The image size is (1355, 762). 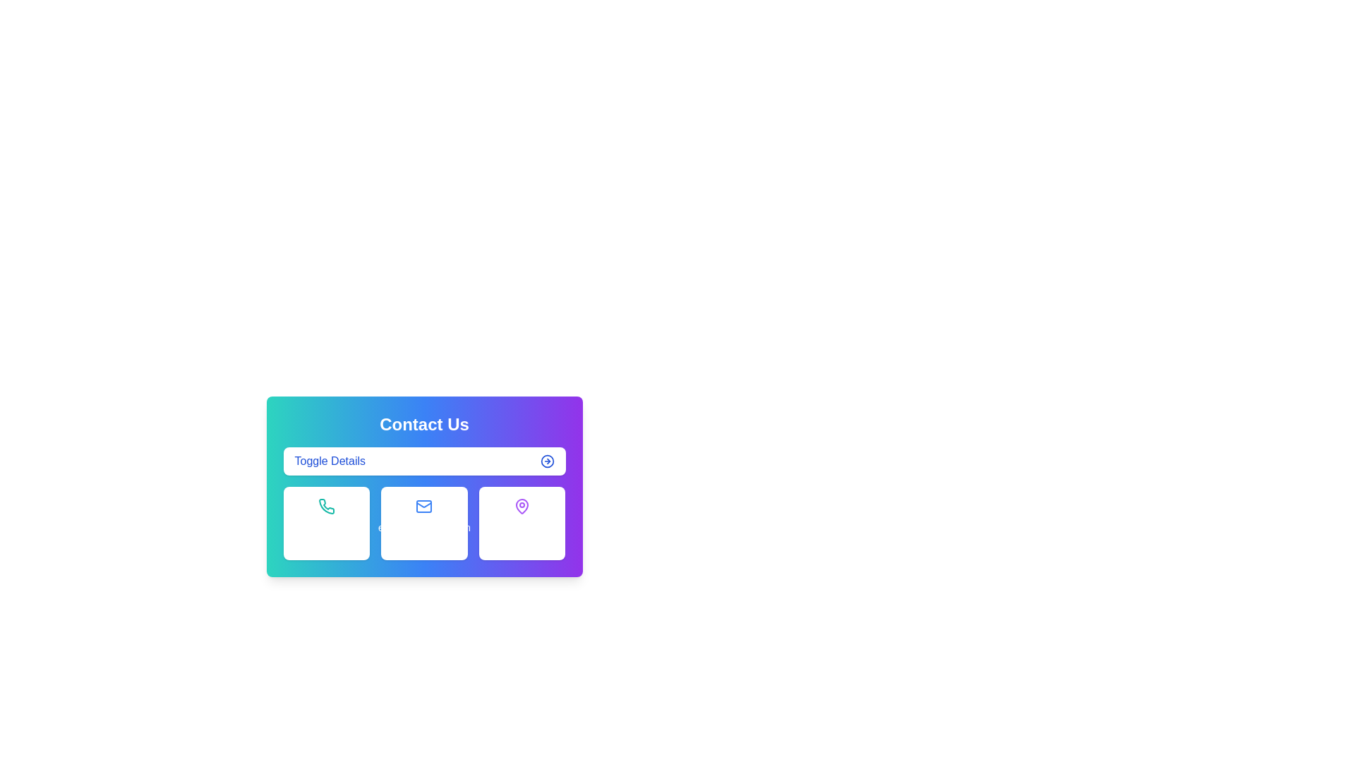 I want to click on the purple map pin icon located at the bottom of the 'Contact Us' panel, so click(x=522, y=505).